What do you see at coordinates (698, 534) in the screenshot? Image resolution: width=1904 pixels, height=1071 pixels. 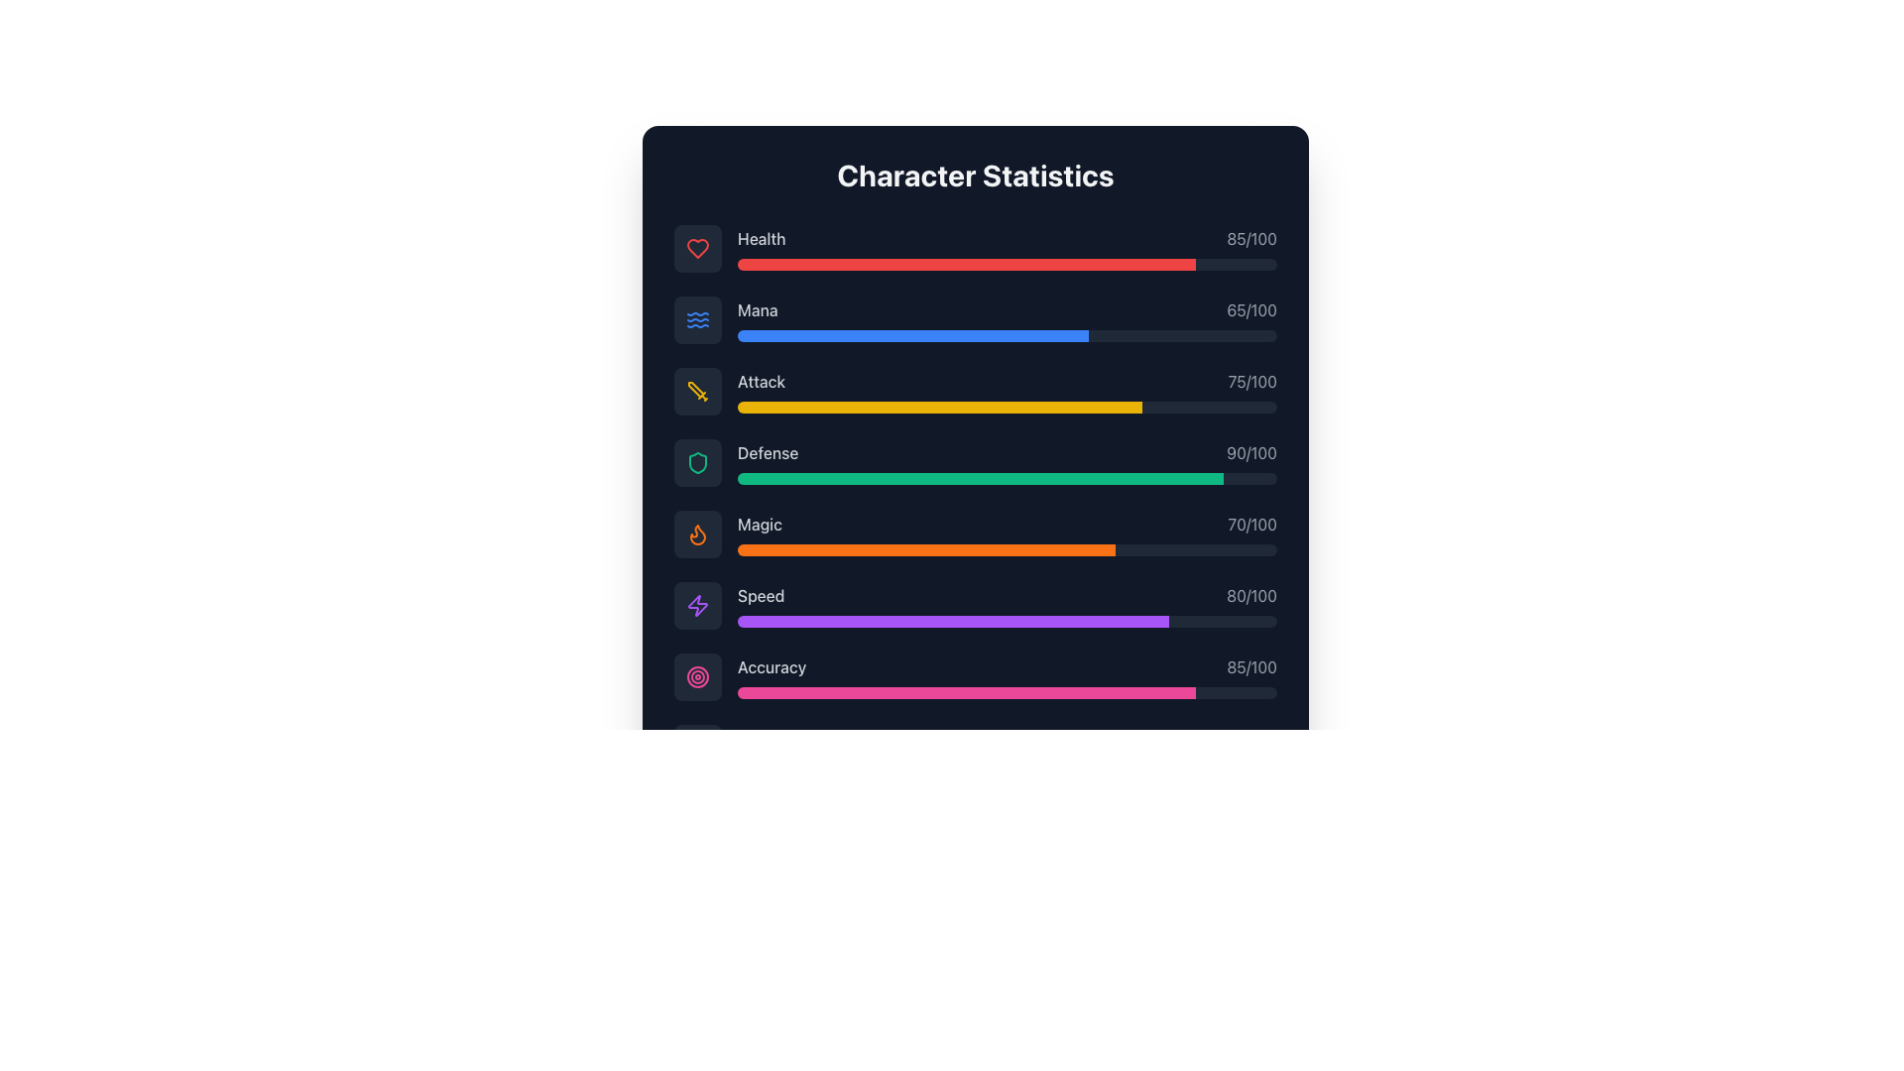 I see `the 'Magic' statistic icon, which is the third icon from the top in the vertical list on the left side of the interface` at bounding box center [698, 534].